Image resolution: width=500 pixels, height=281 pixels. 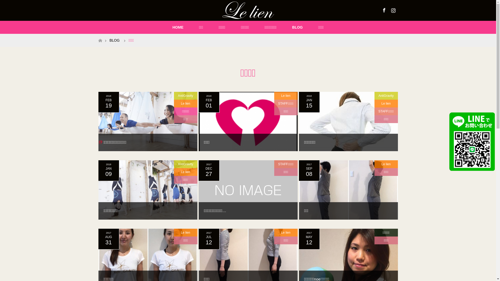 What do you see at coordinates (392, 9) in the screenshot?
I see `'Instagram'` at bounding box center [392, 9].